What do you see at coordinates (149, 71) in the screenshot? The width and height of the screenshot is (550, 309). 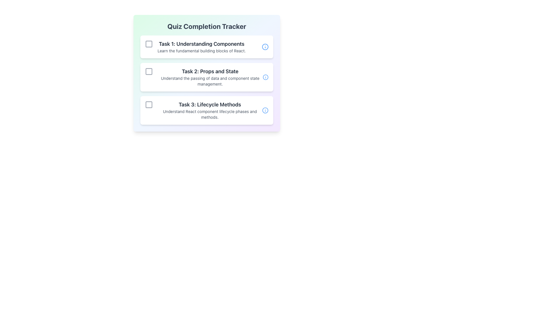 I see `the interactive checkbox for 'Task 2: Props and State'` at bounding box center [149, 71].